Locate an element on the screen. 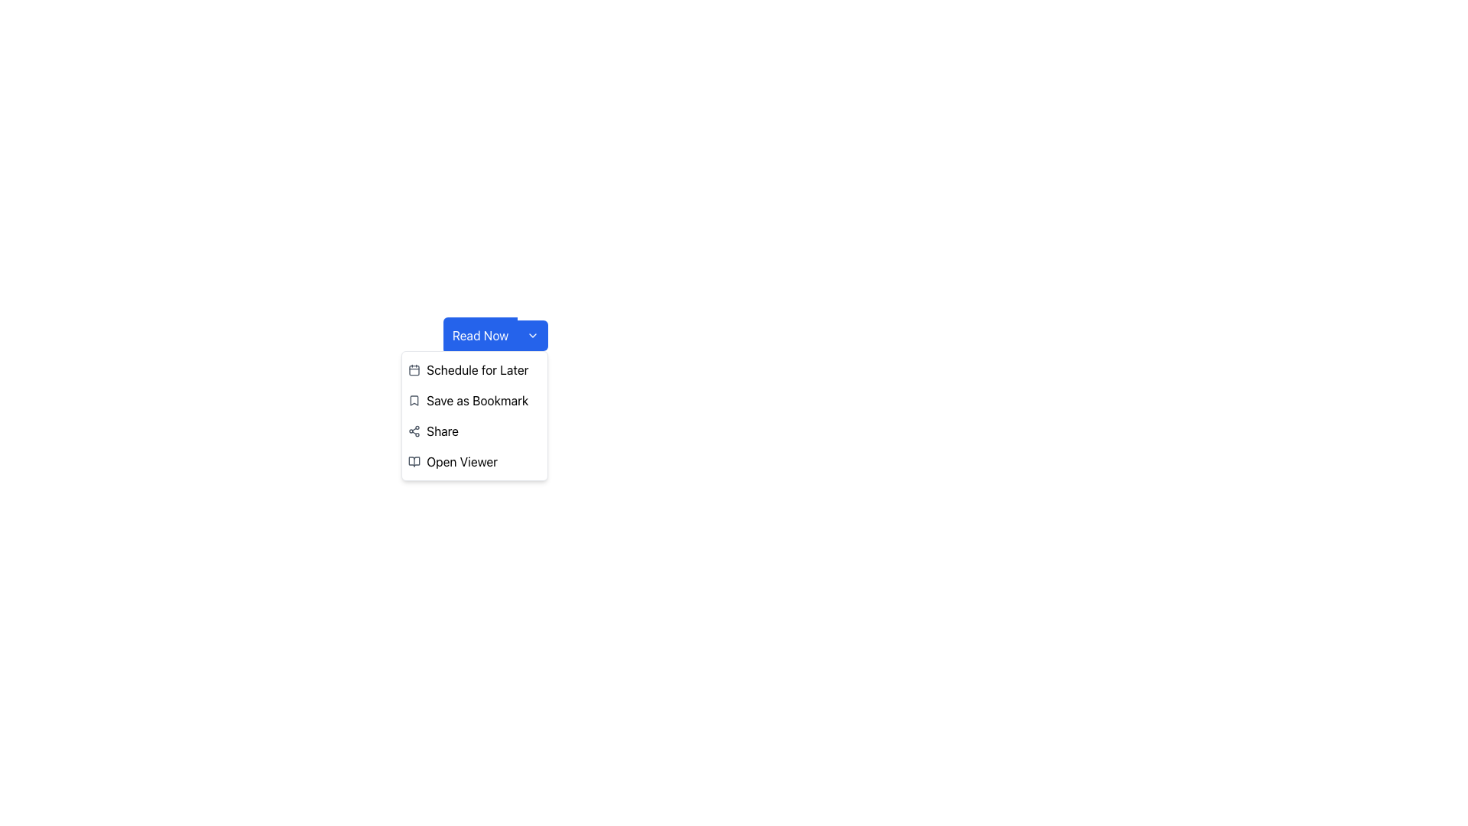 The image size is (1468, 826). the primary shape of the calendar icon located to the left of the 'Schedule for Later' text in the menu options is located at coordinates (414, 370).